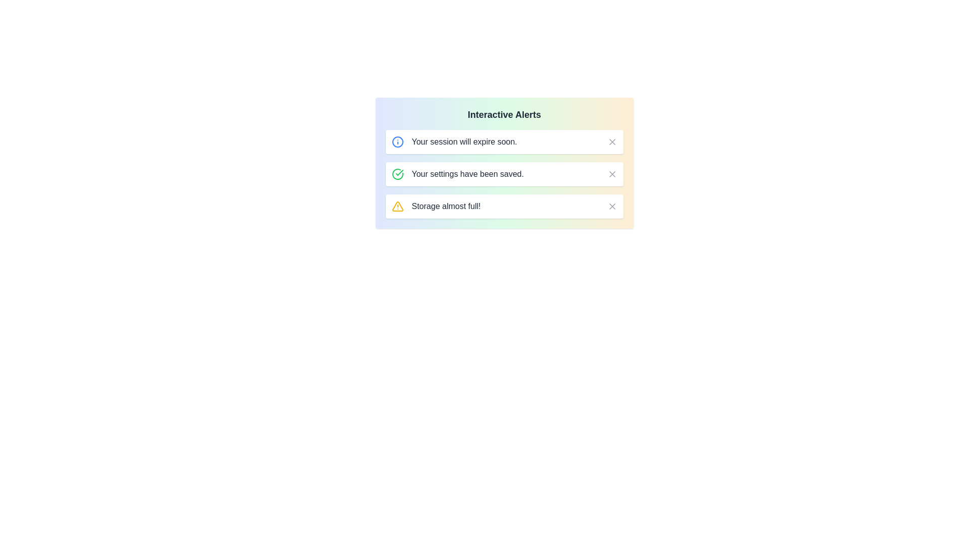 The image size is (967, 544). What do you see at coordinates (611, 174) in the screenshot?
I see `the dismiss button located in the top right corner of the notification block` at bounding box center [611, 174].